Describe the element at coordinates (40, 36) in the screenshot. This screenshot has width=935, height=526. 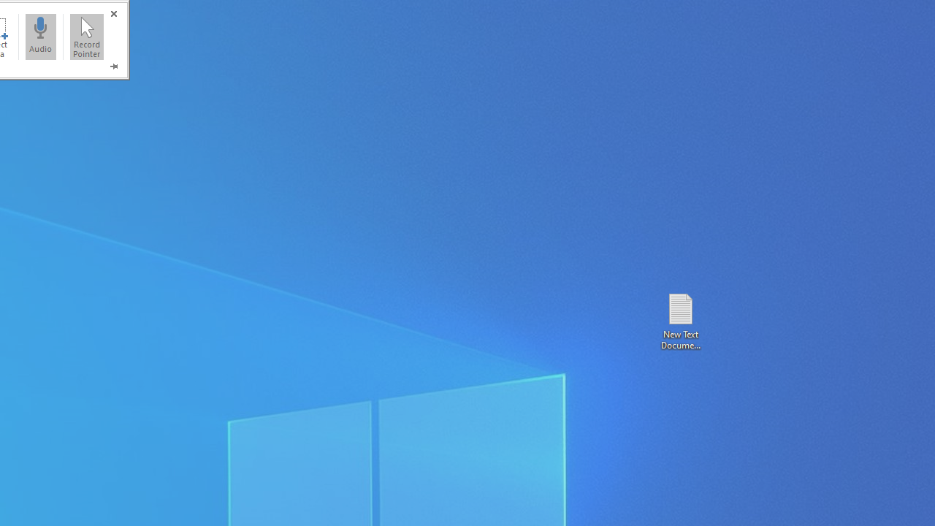
I see `'Audio'` at that location.